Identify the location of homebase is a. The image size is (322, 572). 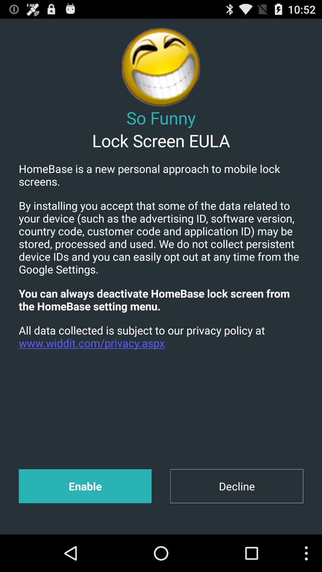
(161, 175).